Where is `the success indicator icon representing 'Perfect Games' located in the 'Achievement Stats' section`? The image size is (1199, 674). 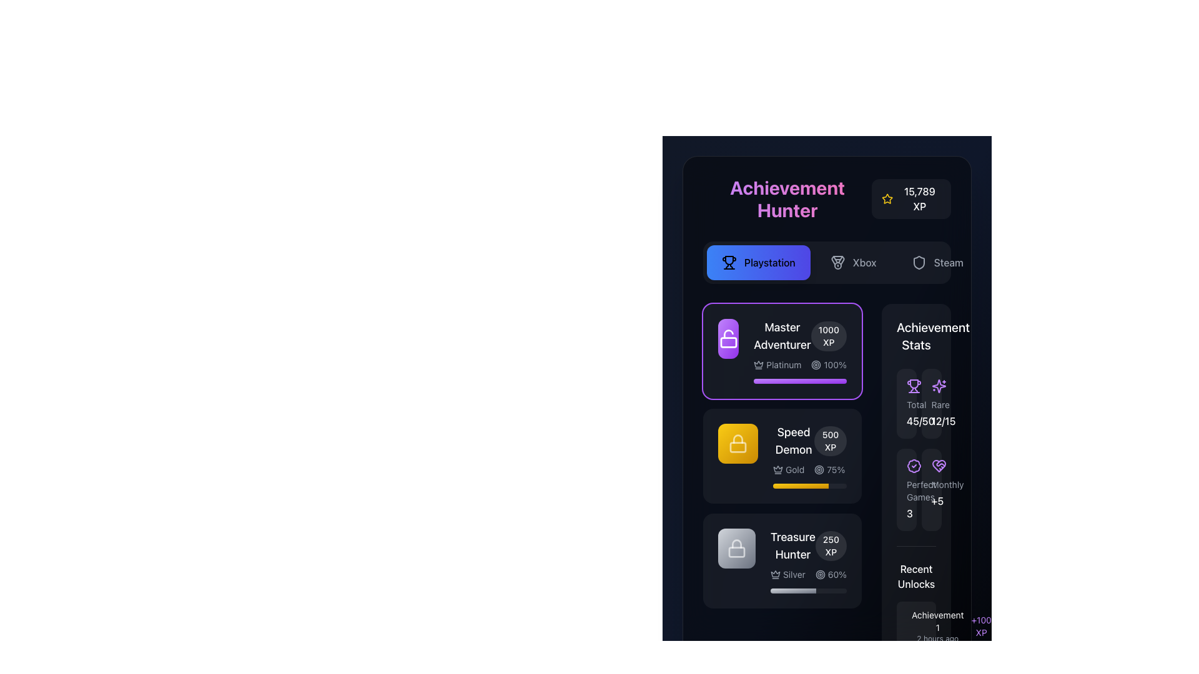 the success indicator icon representing 'Perfect Games' located in the 'Achievement Stats' section is located at coordinates (914, 466).